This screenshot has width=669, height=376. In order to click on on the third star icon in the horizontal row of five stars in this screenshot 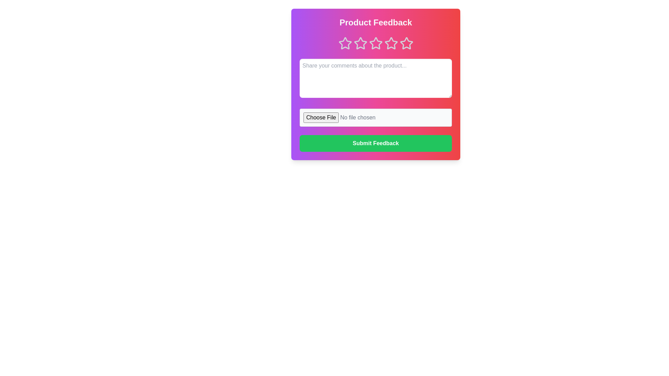, I will do `click(391, 43)`.